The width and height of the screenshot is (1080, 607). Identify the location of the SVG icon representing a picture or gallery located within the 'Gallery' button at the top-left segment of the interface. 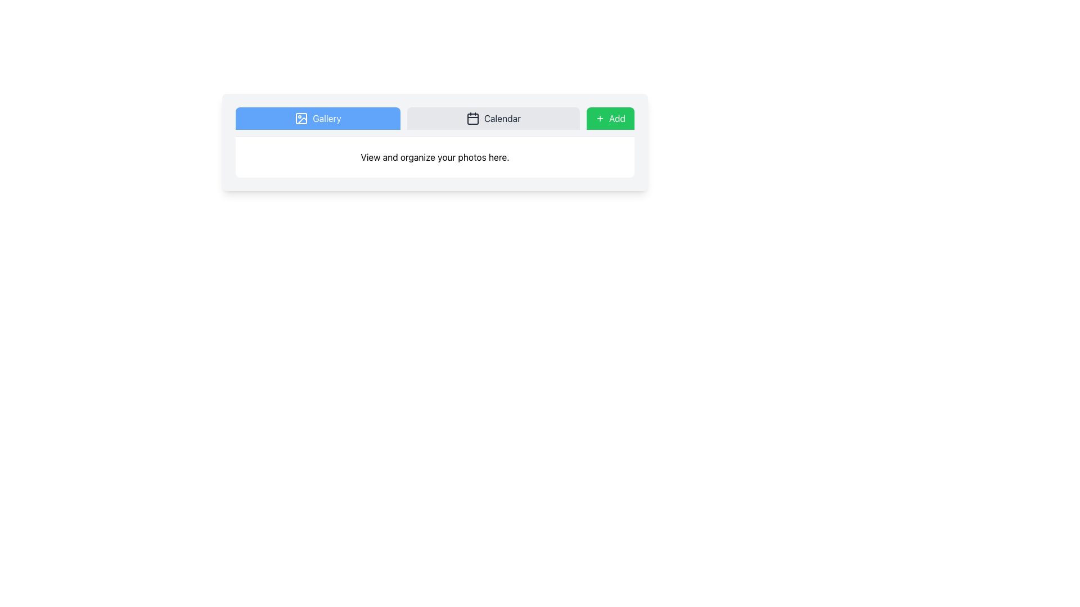
(301, 119).